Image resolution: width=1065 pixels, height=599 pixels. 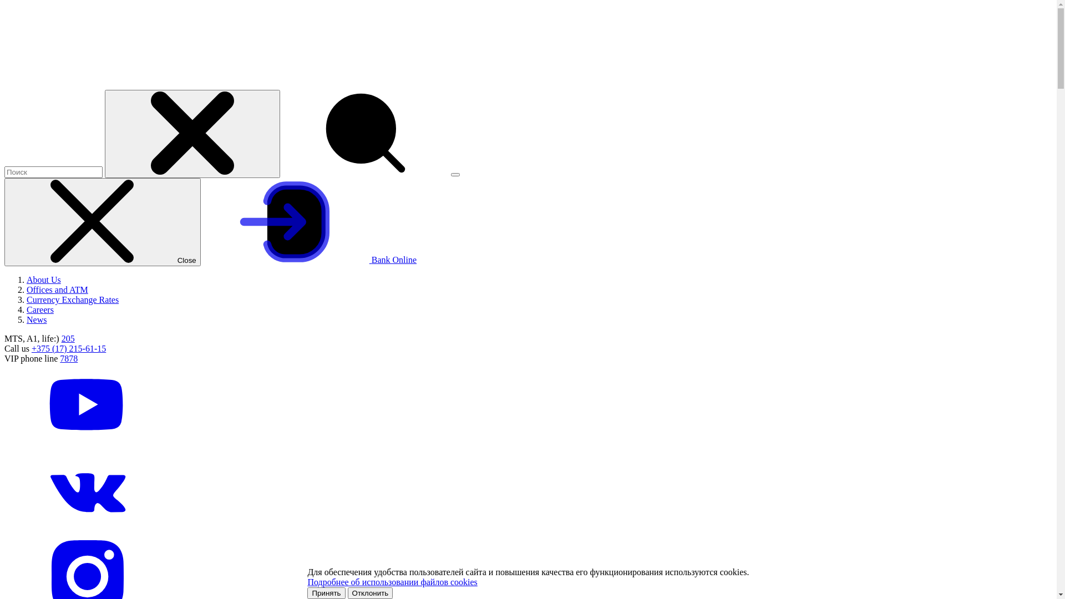 What do you see at coordinates (103, 222) in the screenshot?
I see `'Close'` at bounding box center [103, 222].